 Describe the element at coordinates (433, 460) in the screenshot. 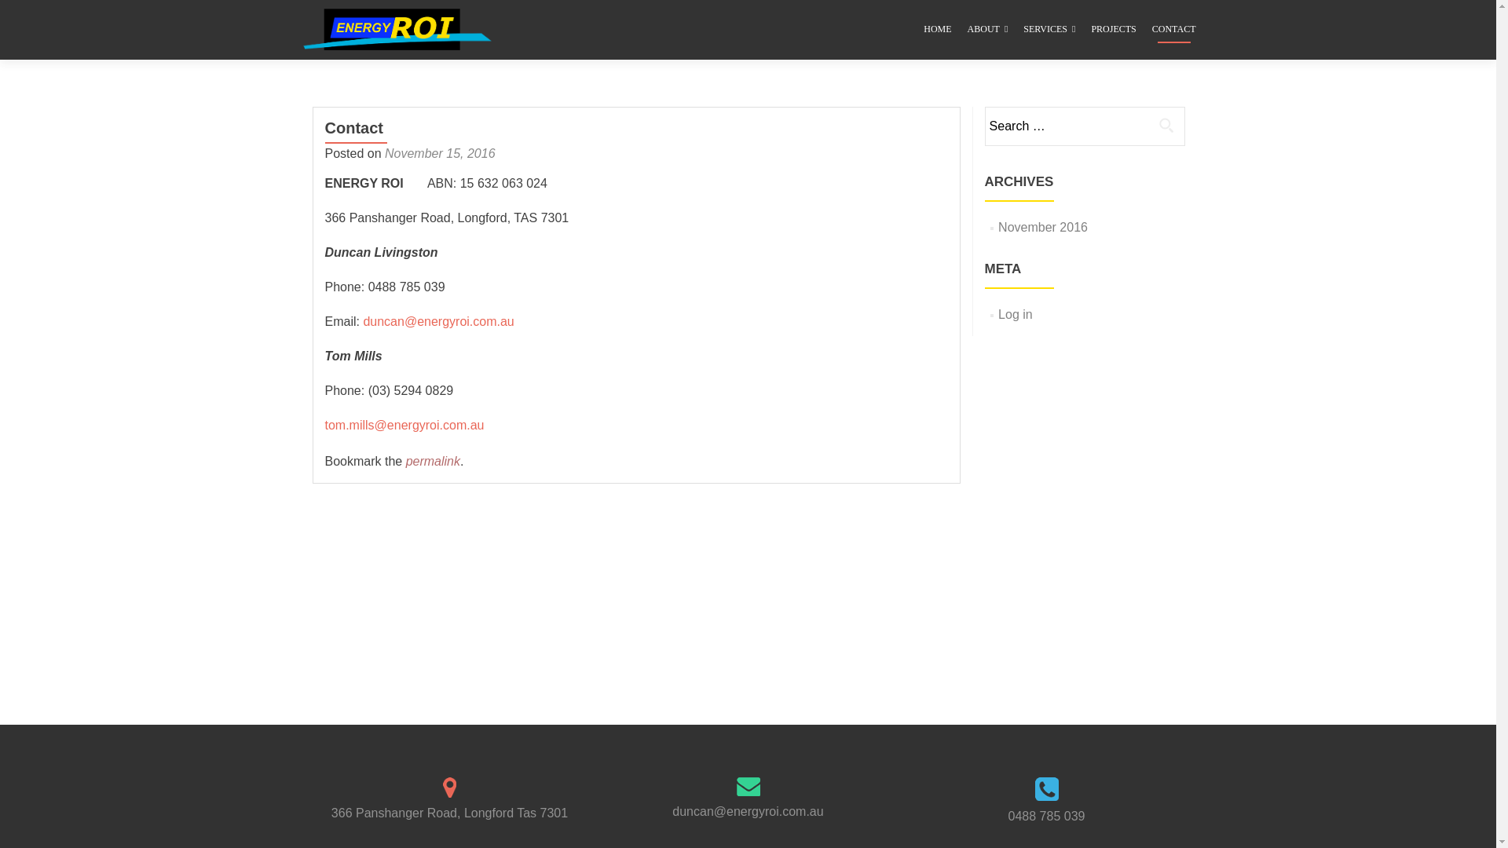

I see `'permalink'` at that location.